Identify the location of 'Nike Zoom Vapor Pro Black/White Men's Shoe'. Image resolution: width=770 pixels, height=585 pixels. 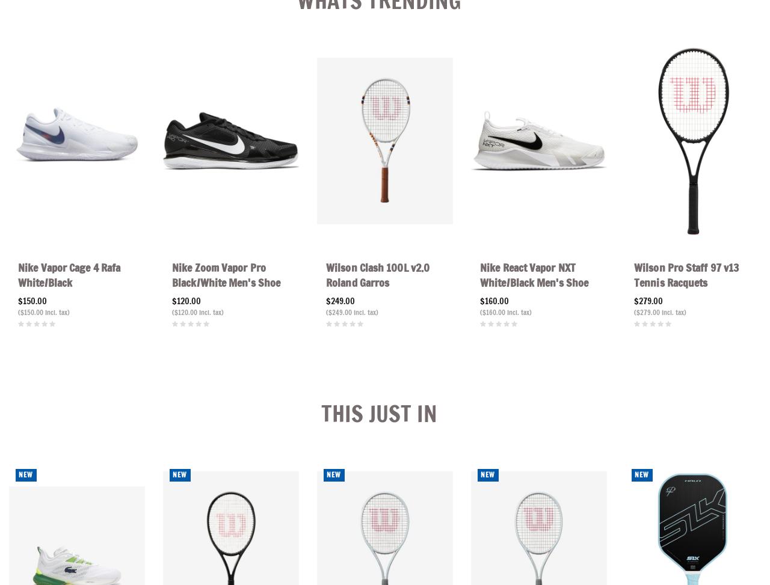
(226, 275).